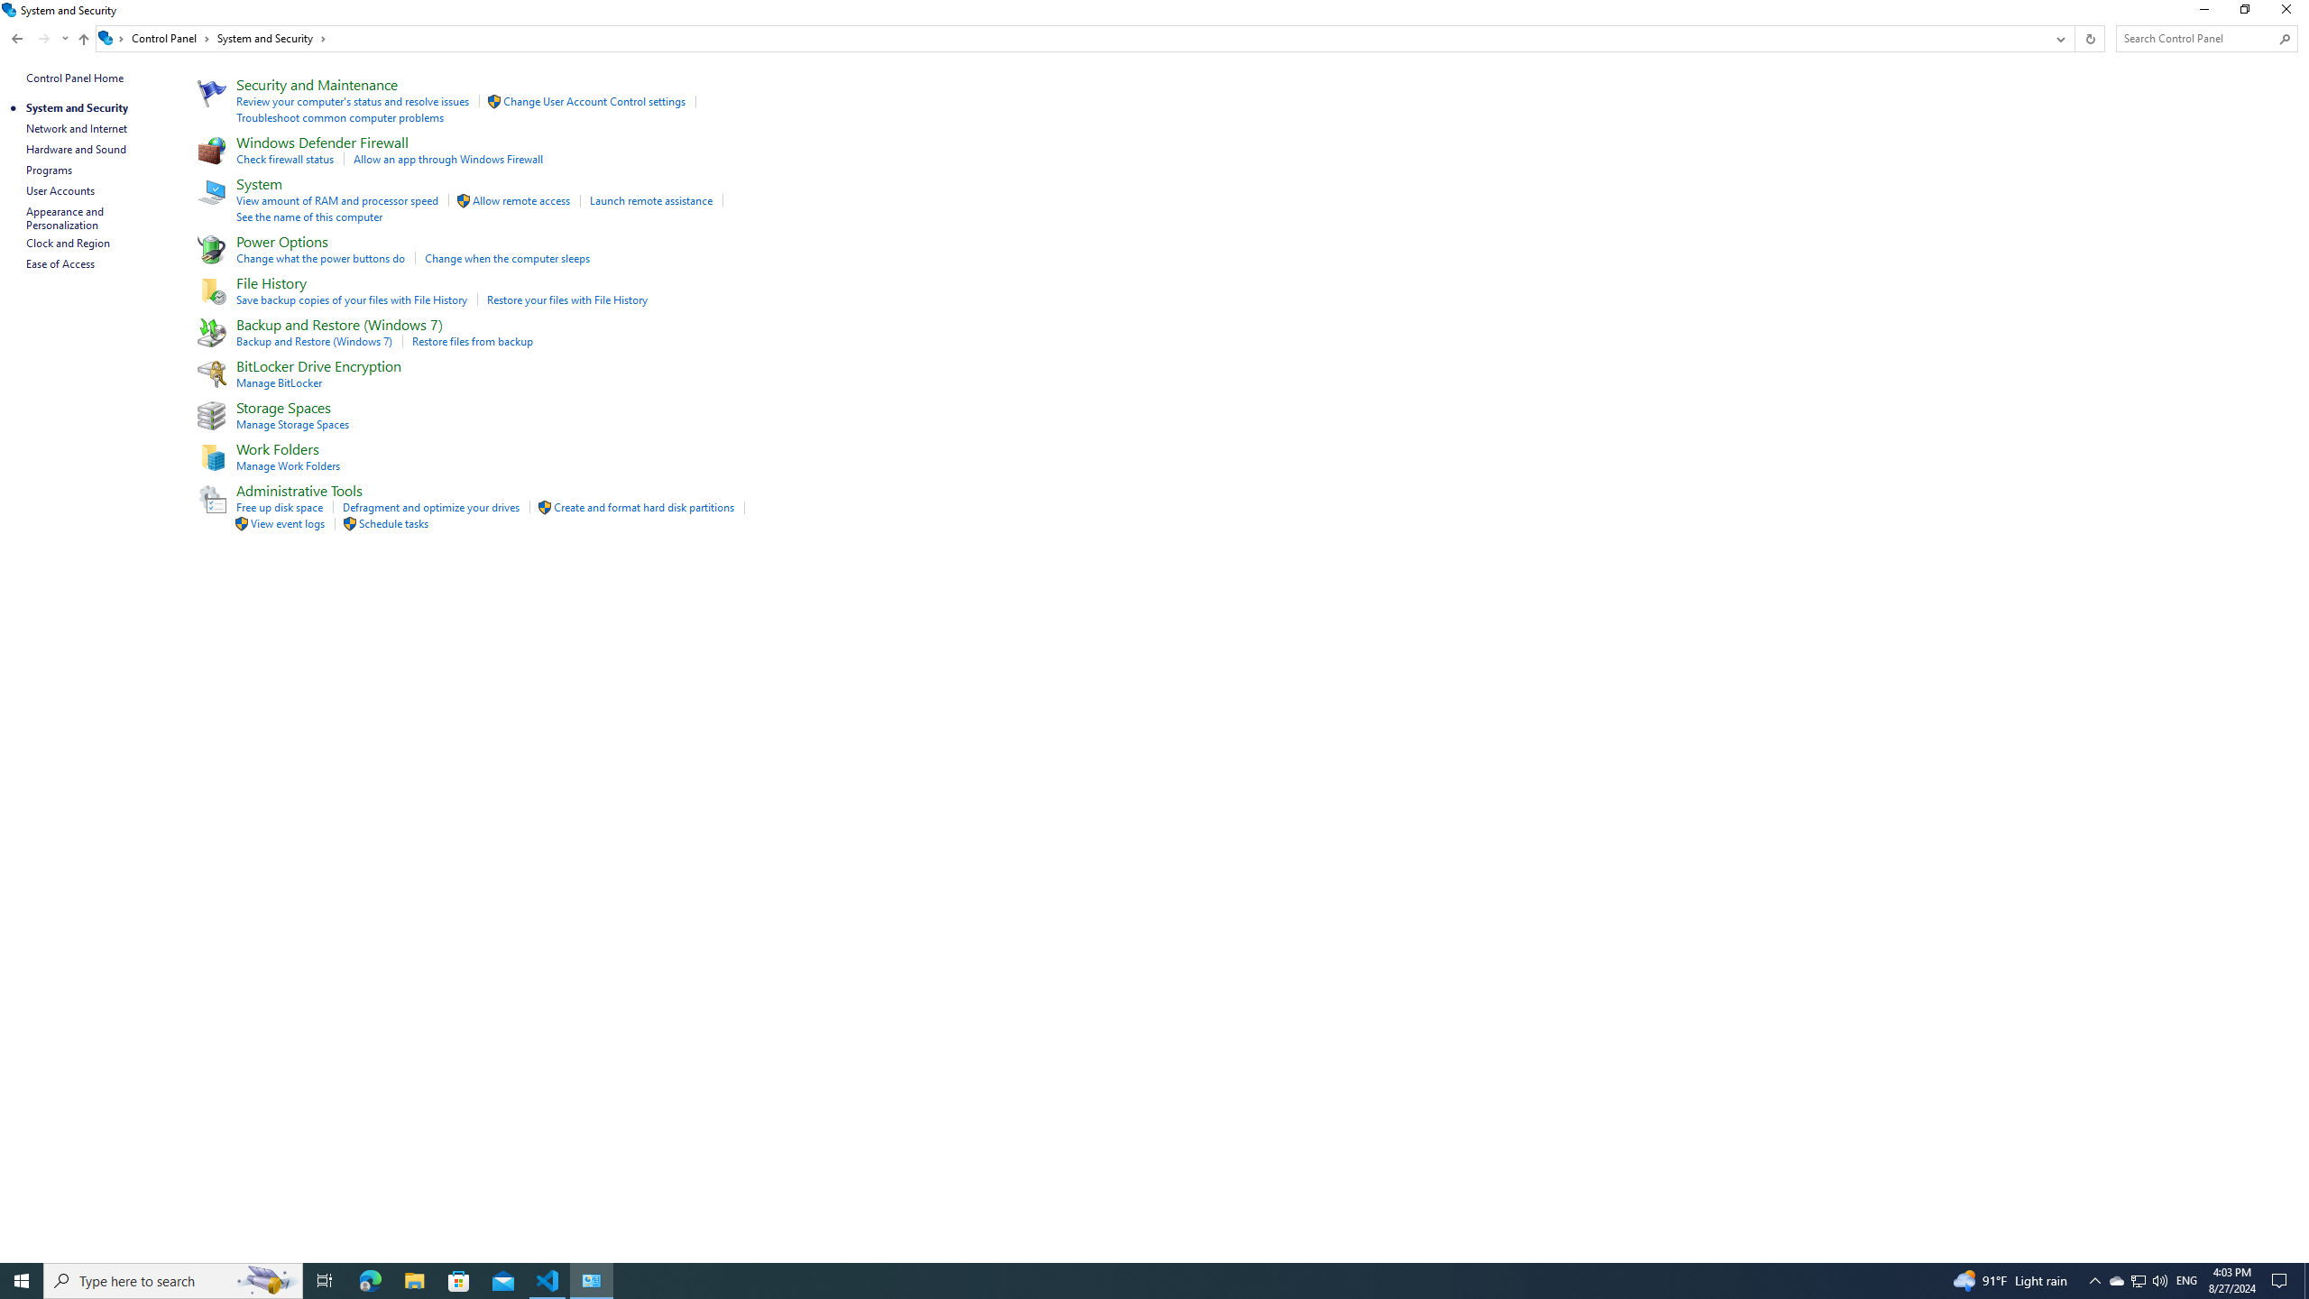  What do you see at coordinates (338, 200) in the screenshot?
I see `'View amount of RAM and processor speed'` at bounding box center [338, 200].